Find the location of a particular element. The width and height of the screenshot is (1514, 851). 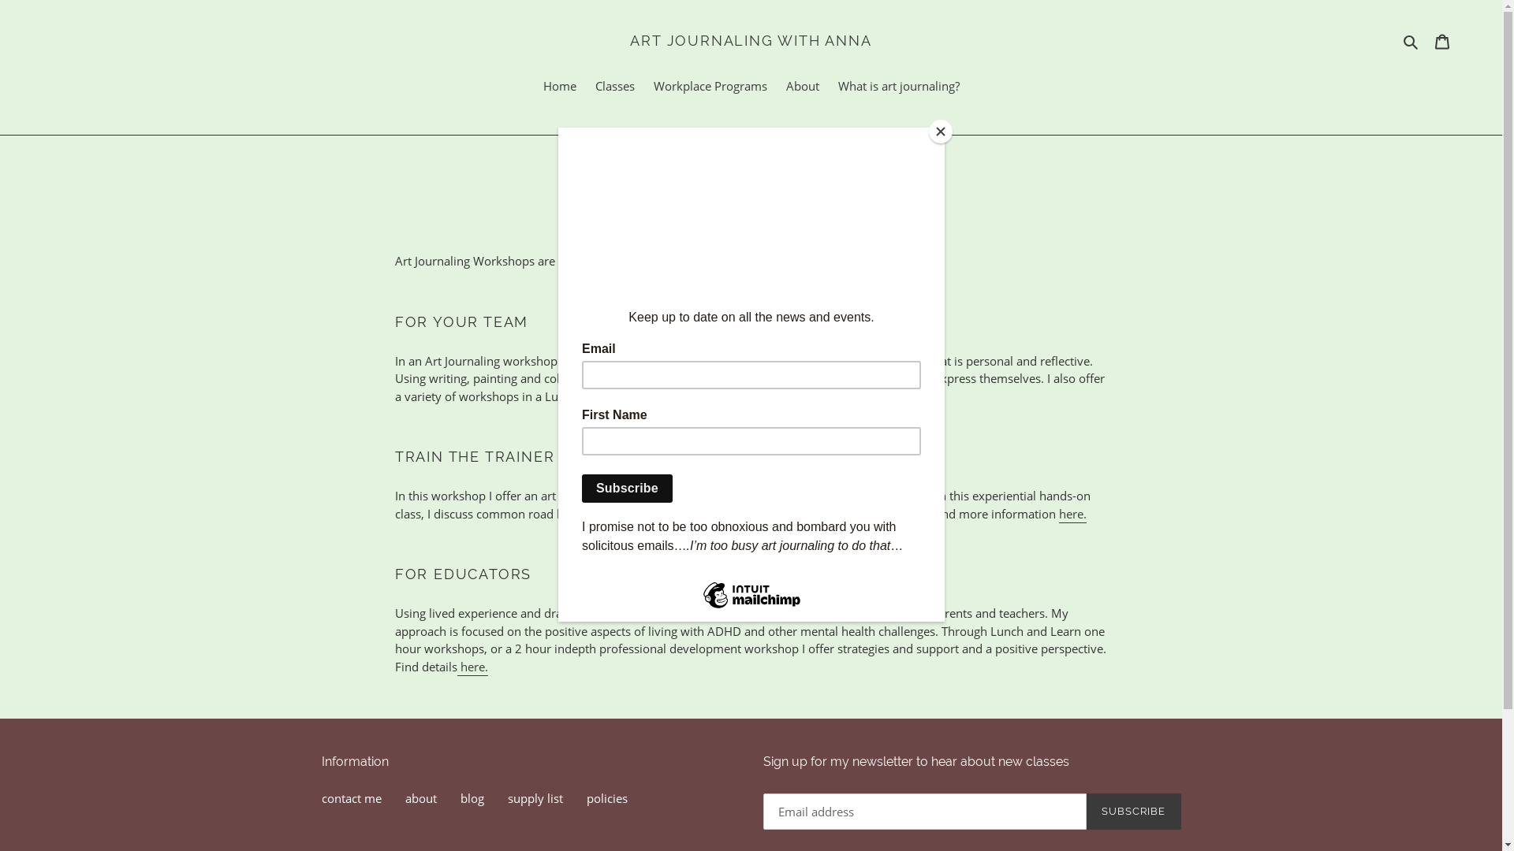

'Home' is located at coordinates (559, 87).